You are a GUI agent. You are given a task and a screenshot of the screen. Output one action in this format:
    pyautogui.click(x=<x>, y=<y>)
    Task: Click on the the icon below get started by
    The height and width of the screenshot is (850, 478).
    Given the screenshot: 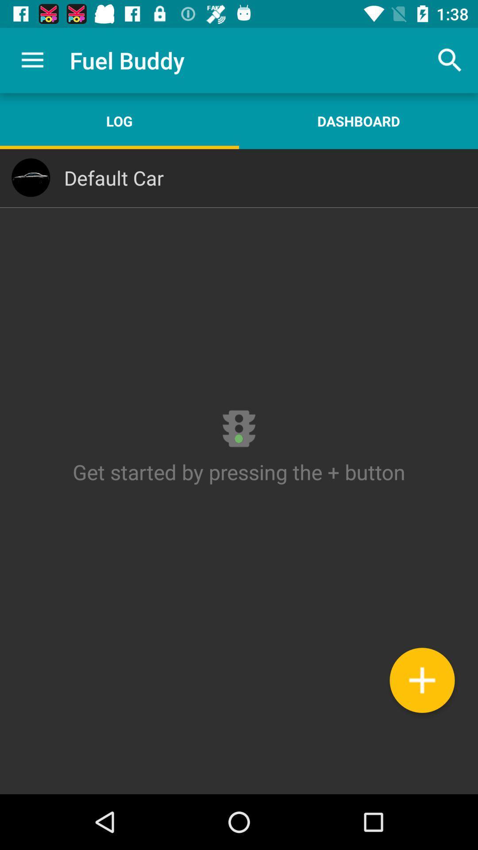 What is the action you would take?
    pyautogui.click(x=421, y=680)
    